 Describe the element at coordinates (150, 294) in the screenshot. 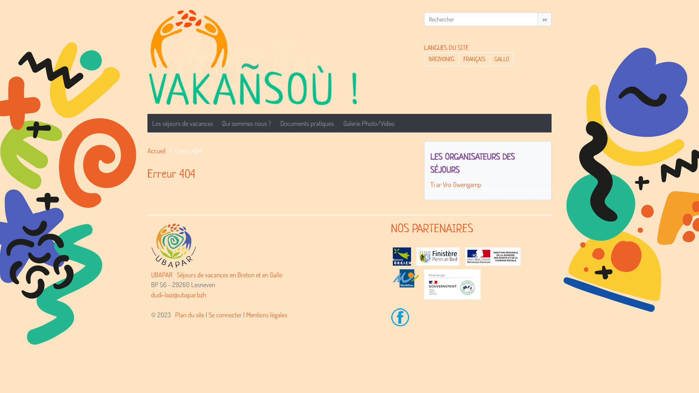

I see `'dudi-laizi@ubapar.bzh'` at that location.